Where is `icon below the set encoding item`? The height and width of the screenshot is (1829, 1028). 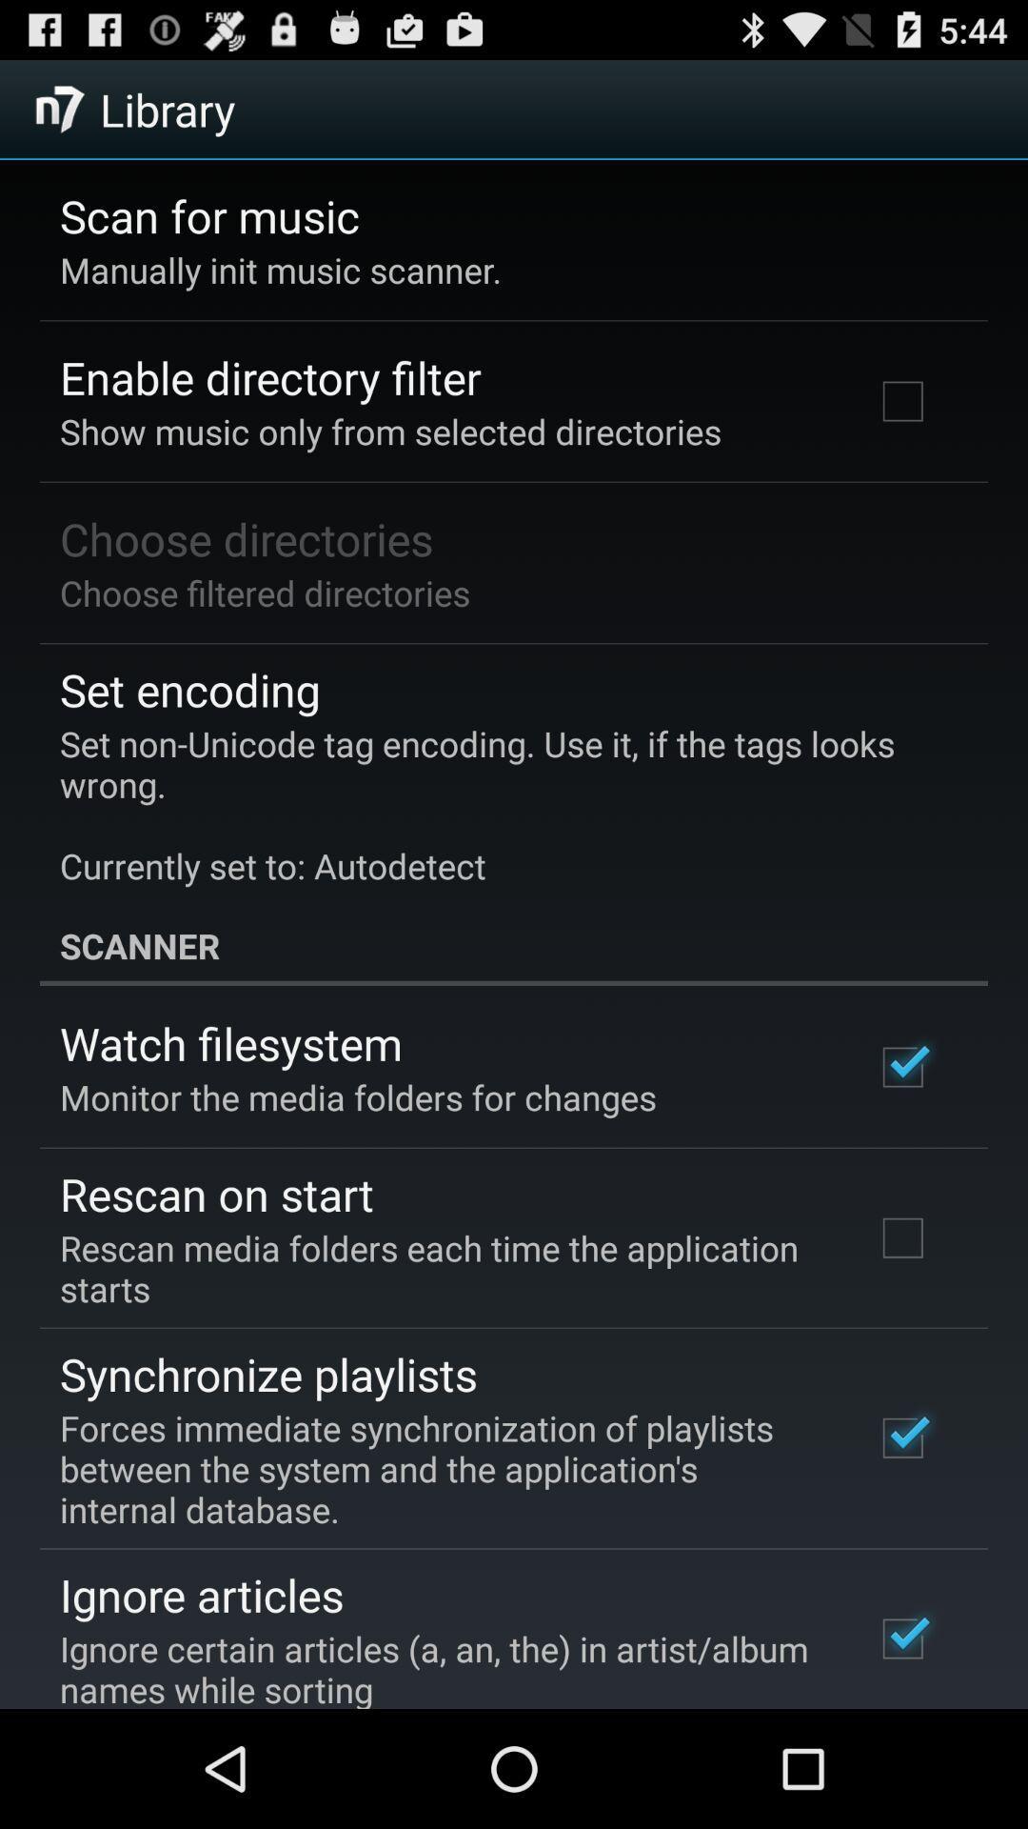
icon below the set encoding item is located at coordinates (500, 804).